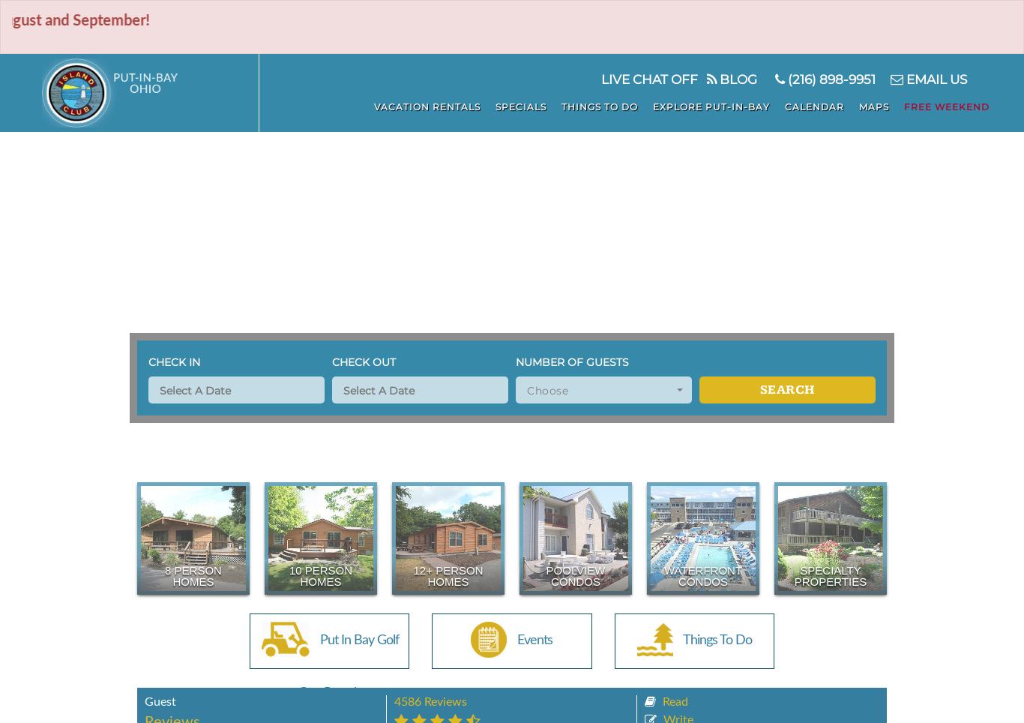 This screenshot has width=1024, height=723. I want to click on 'Email Us', so click(935, 79).